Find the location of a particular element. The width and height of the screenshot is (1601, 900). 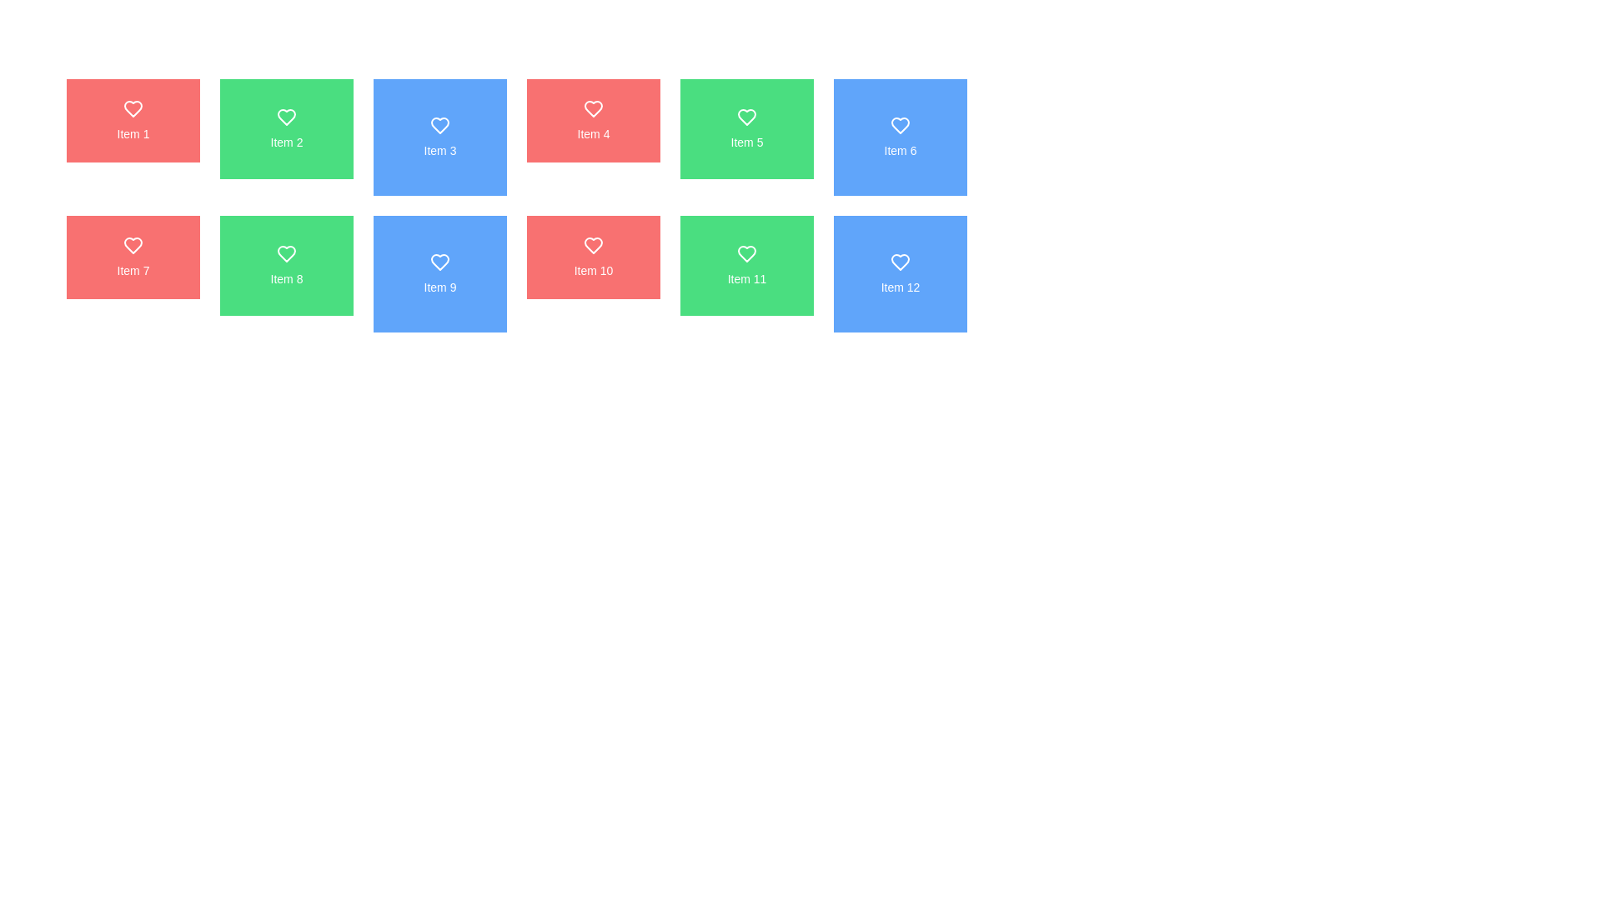

the heart icon centered within the blue square labeled 'Item 9' to like or favorite the item is located at coordinates (440, 262).